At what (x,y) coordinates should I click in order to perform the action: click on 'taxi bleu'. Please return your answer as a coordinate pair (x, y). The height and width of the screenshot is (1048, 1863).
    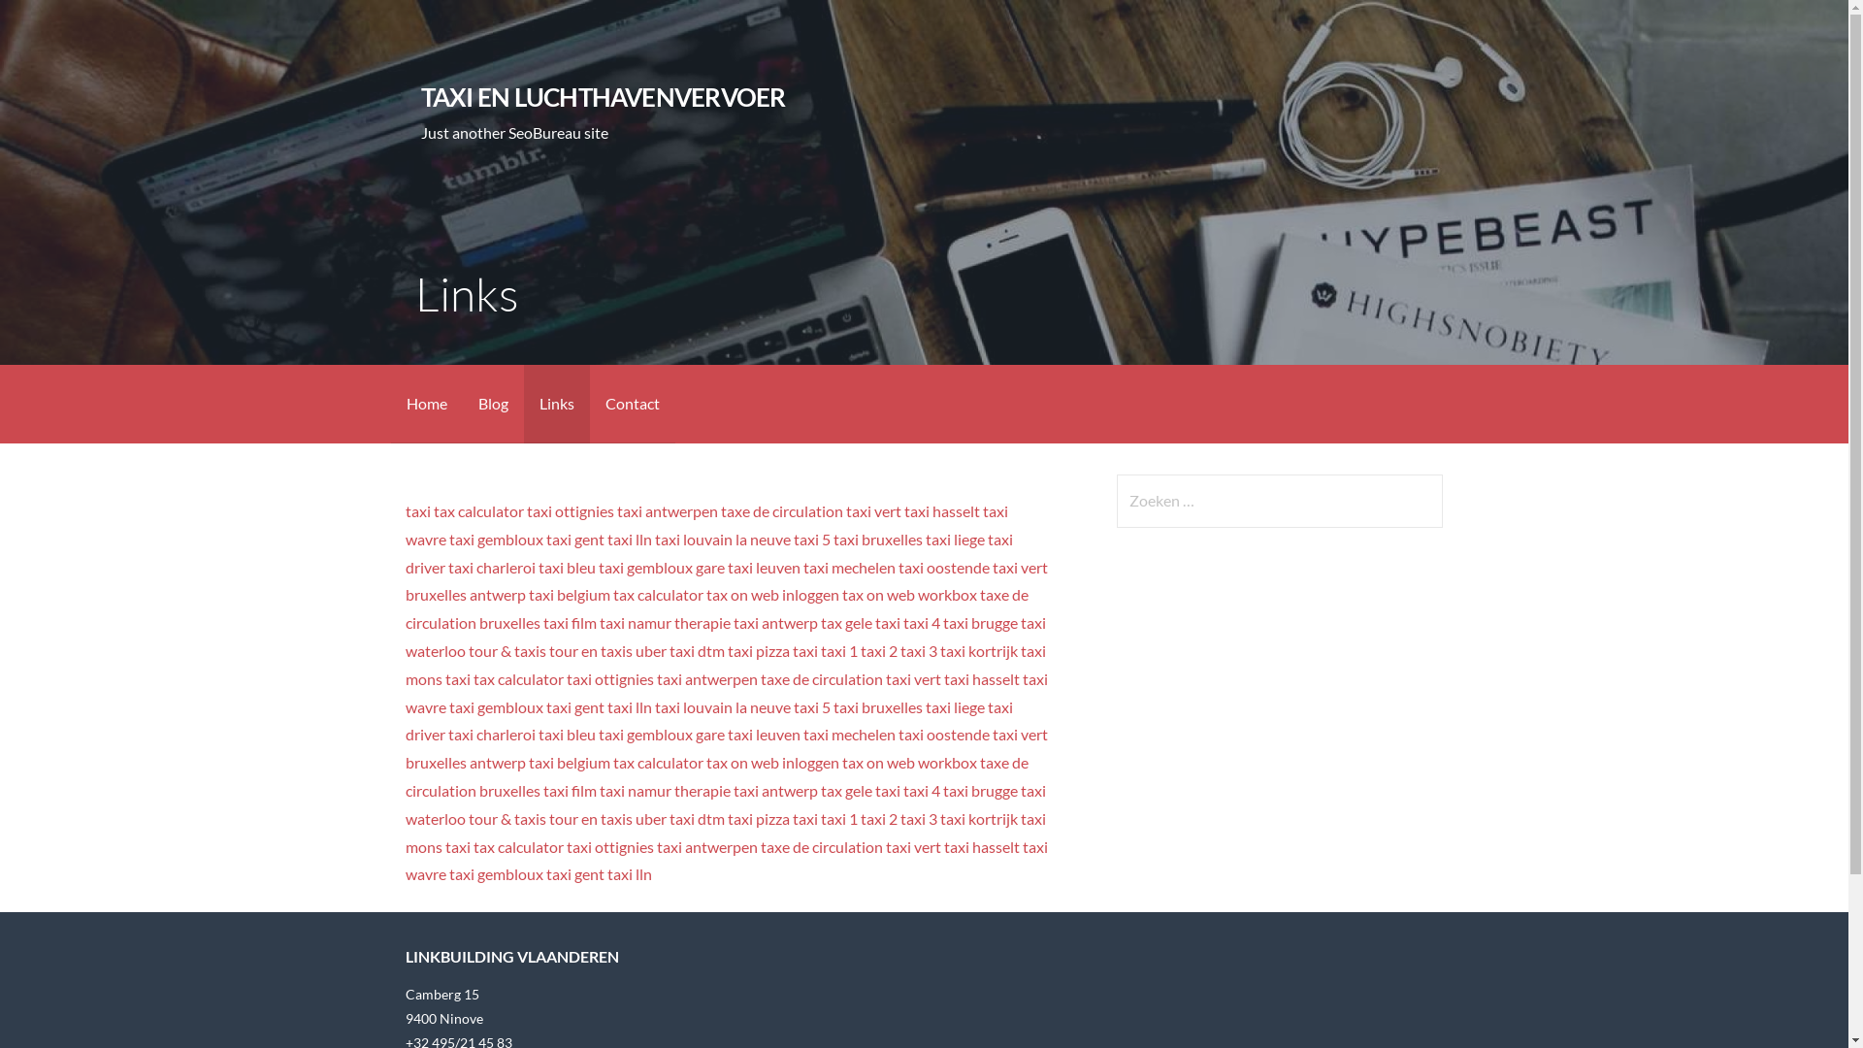
    Looking at the image, I should click on (539, 567).